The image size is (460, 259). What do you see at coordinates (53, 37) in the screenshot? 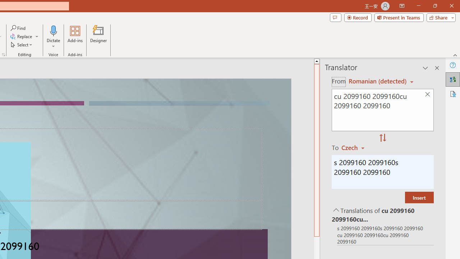
I see `'Dictate'` at bounding box center [53, 37].